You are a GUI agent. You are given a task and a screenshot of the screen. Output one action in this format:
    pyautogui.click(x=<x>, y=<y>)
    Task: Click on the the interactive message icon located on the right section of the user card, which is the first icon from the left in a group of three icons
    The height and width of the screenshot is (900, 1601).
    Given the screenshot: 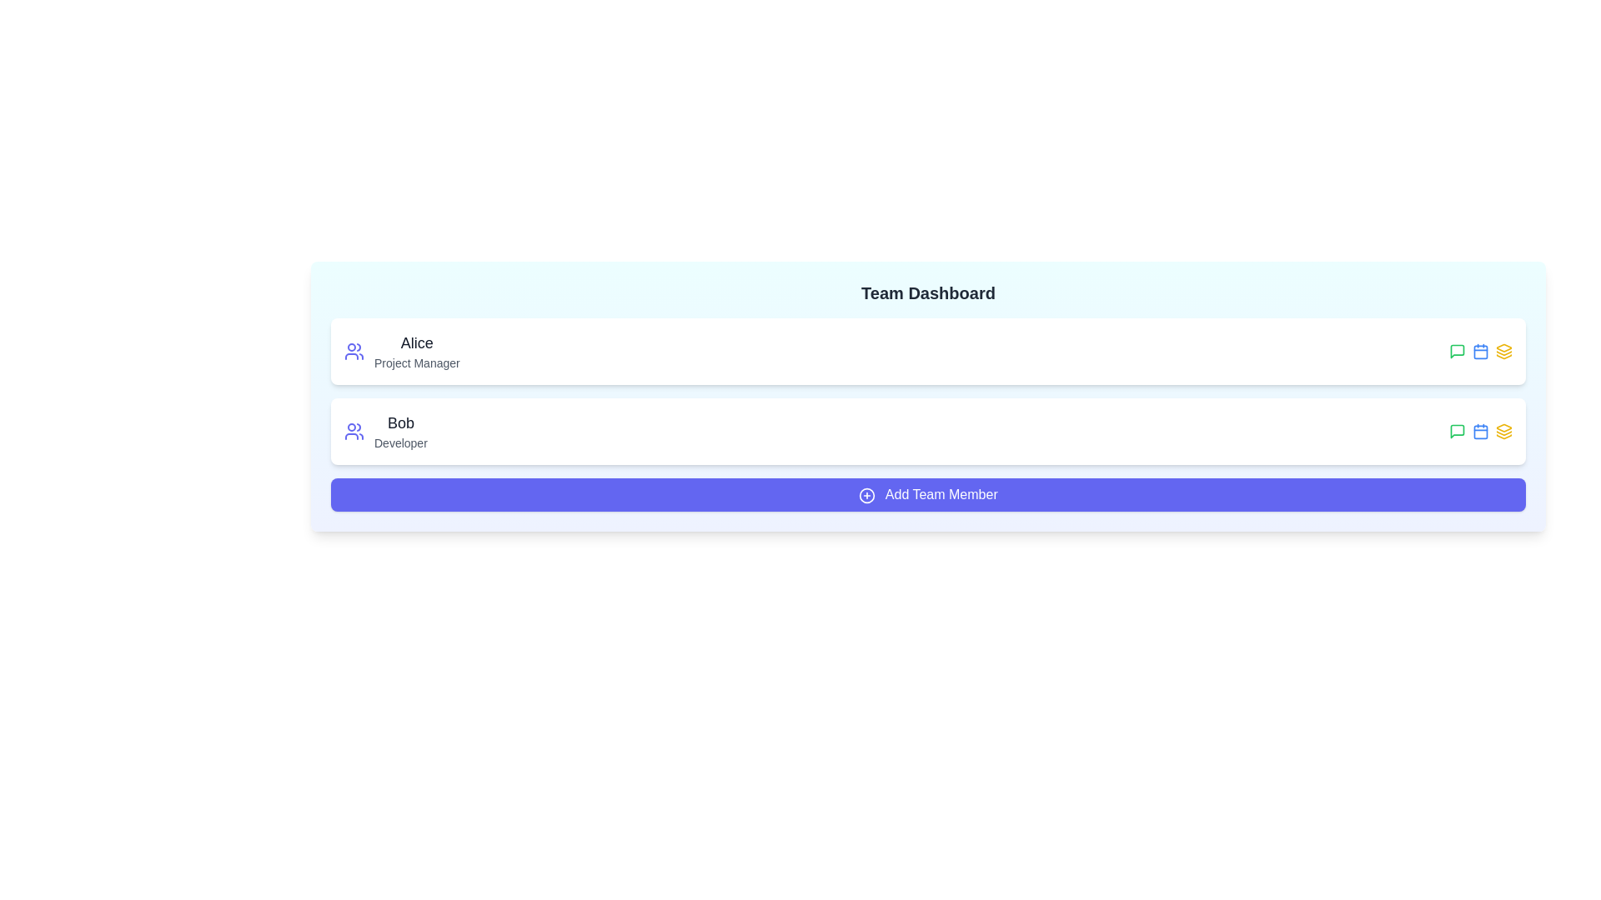 What is the action you would take?
    pyautogui.click(x=1456, y=430)
    